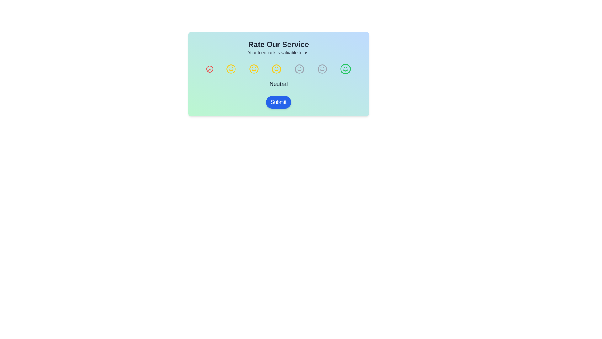 The image size is (602, 339). What do you see at coordinates (278, 102) in the screenshot?
I see `the 'Submit' button to submit the selected rating` at bounding box center [278, 102].